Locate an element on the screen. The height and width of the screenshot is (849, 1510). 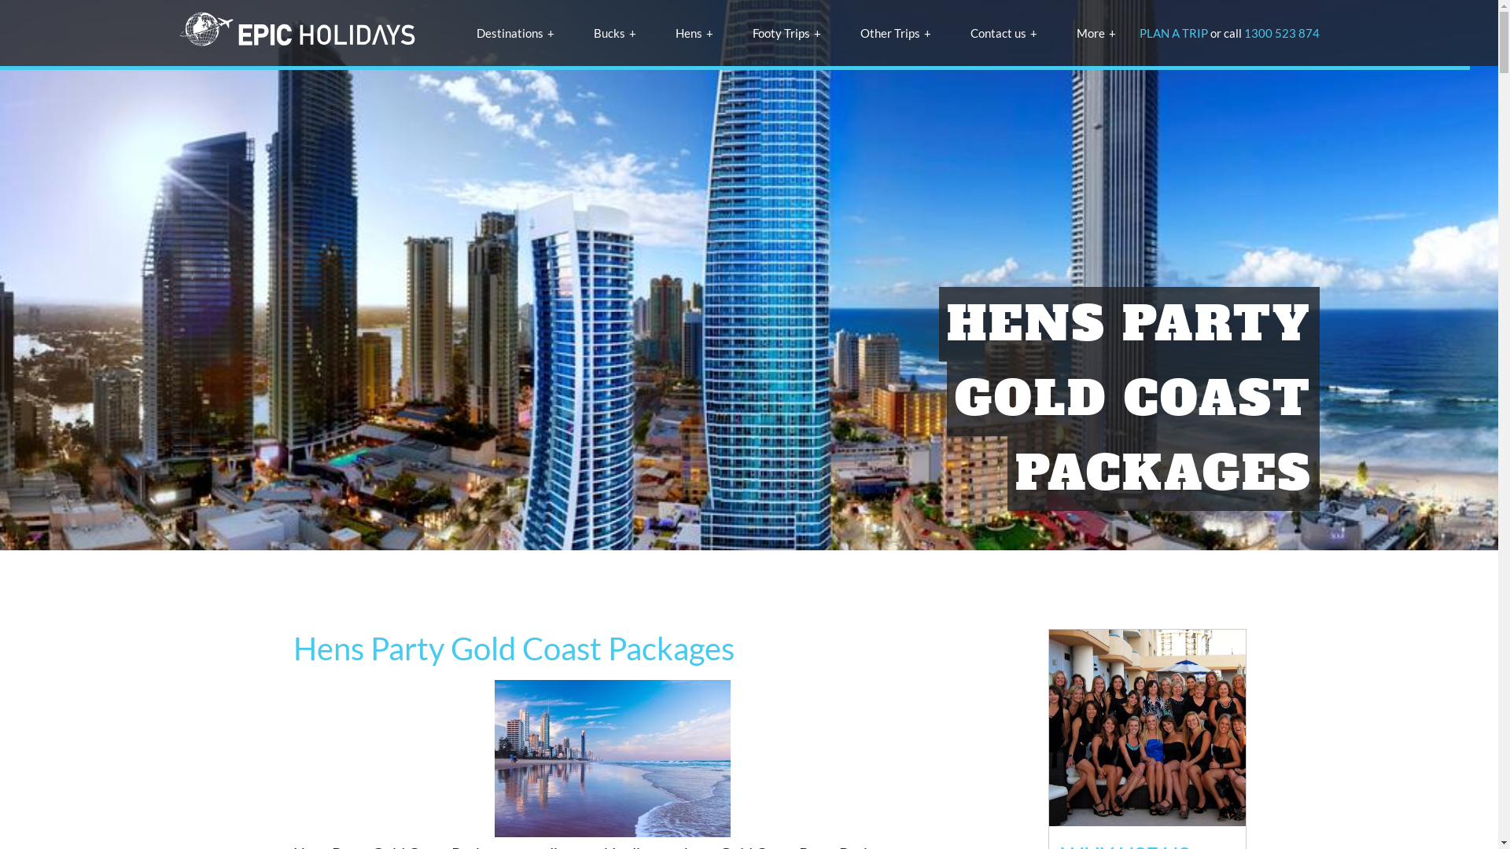
'Destinations' is located at coordinates (475, 33).